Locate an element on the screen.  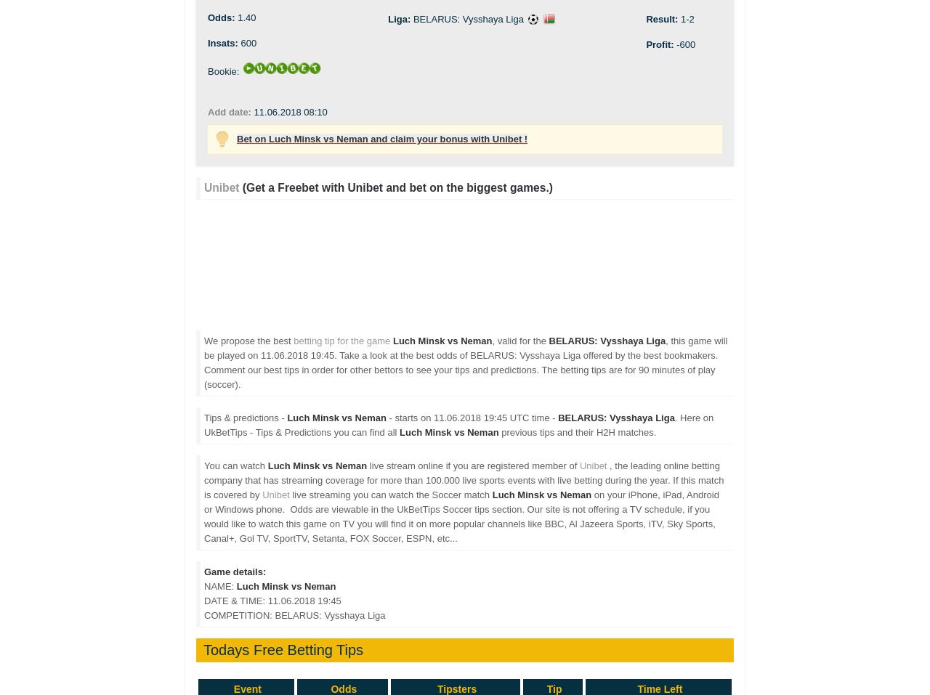
'- starts on 11.06.2018 19:45 UTC time -' is located at coordinates (472, 417).